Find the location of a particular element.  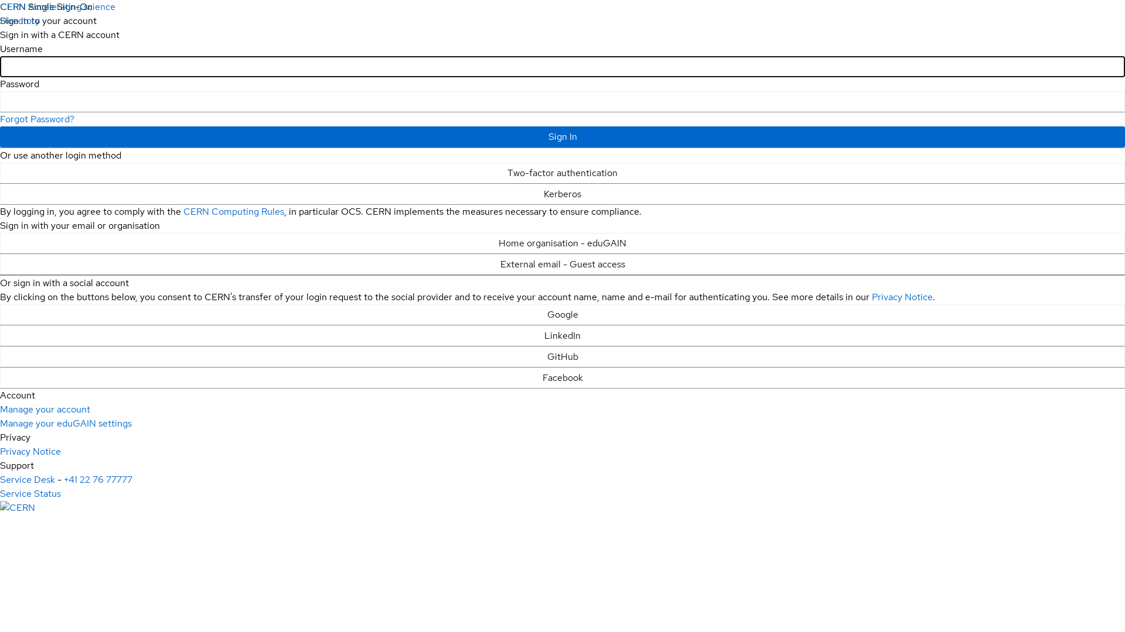

'Manage your eduGAIN settings' is located at coordinates (0, 423).